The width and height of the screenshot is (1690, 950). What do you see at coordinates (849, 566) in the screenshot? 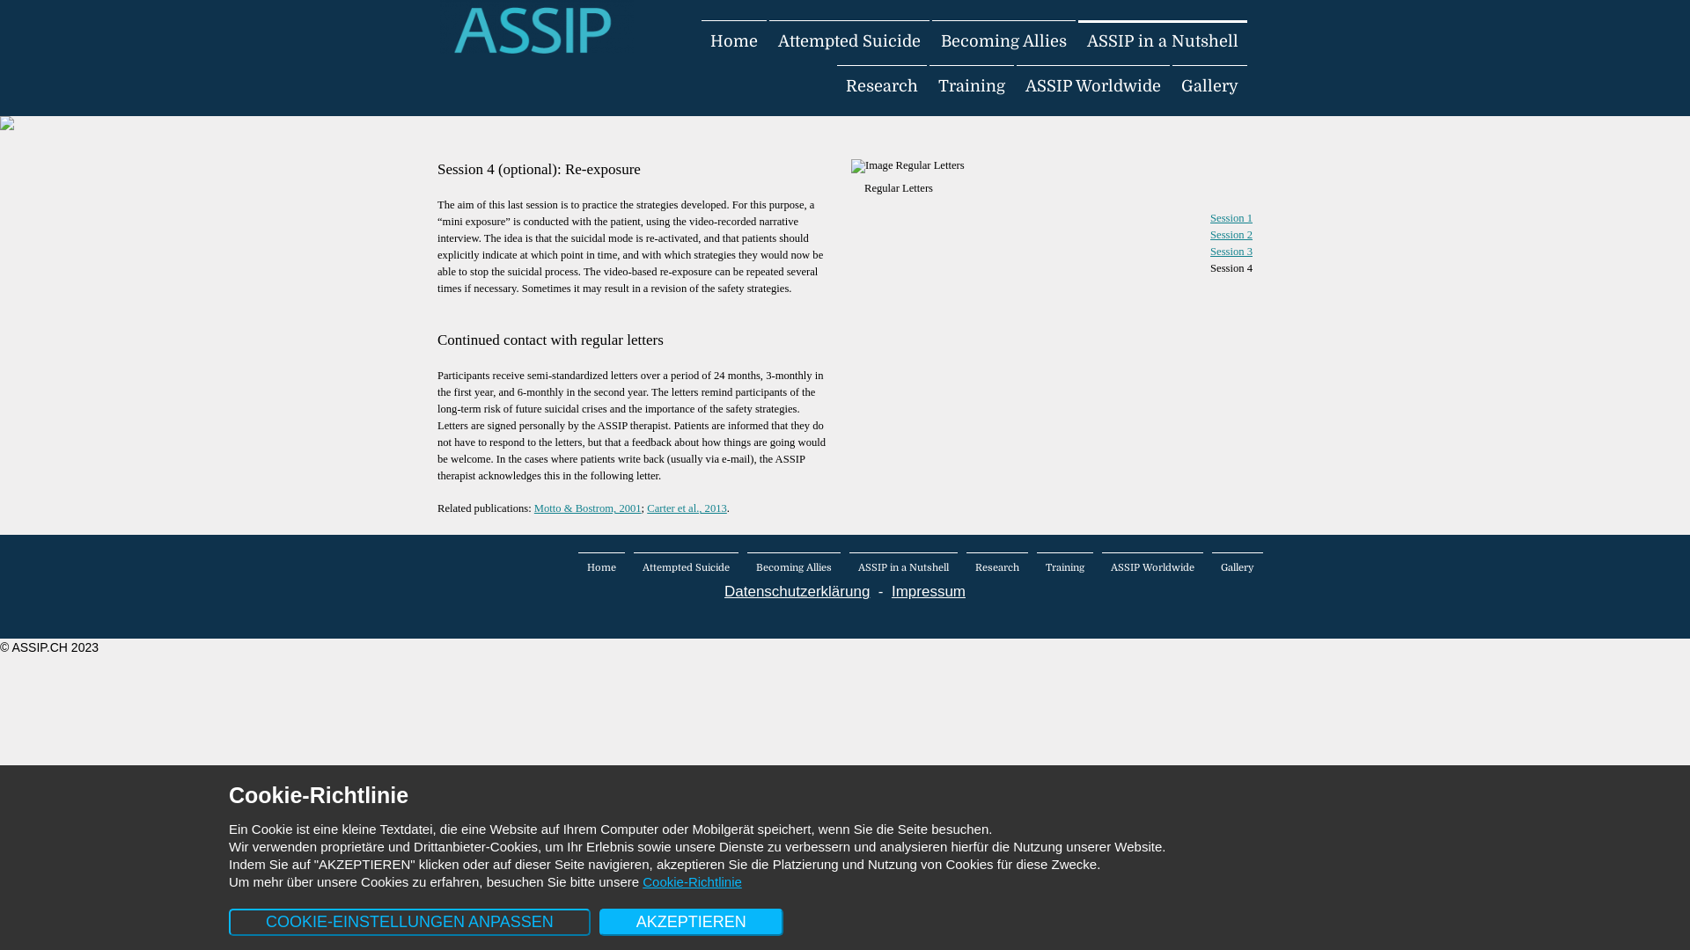
I see `'ASSIP in a Nutshell'` at bounding box center [849, 566].